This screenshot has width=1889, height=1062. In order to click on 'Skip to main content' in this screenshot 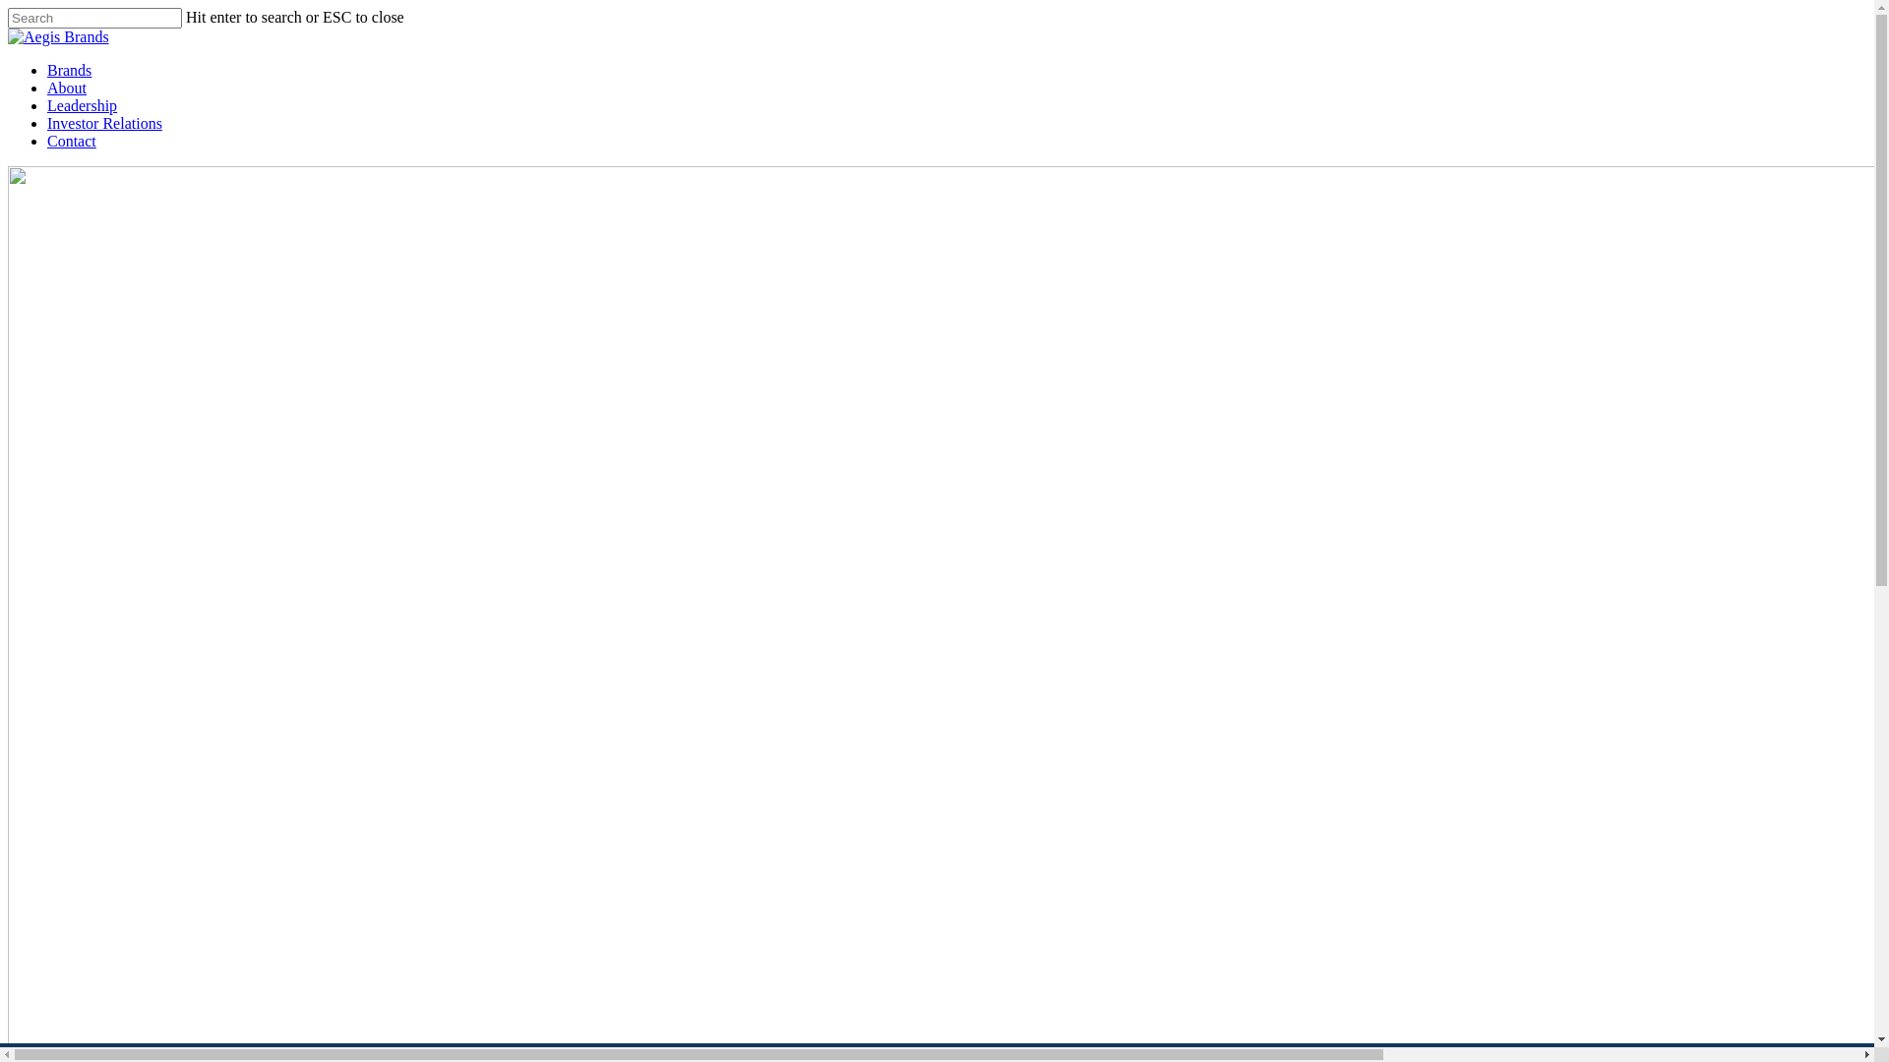, I will do `click(6, 7)`.